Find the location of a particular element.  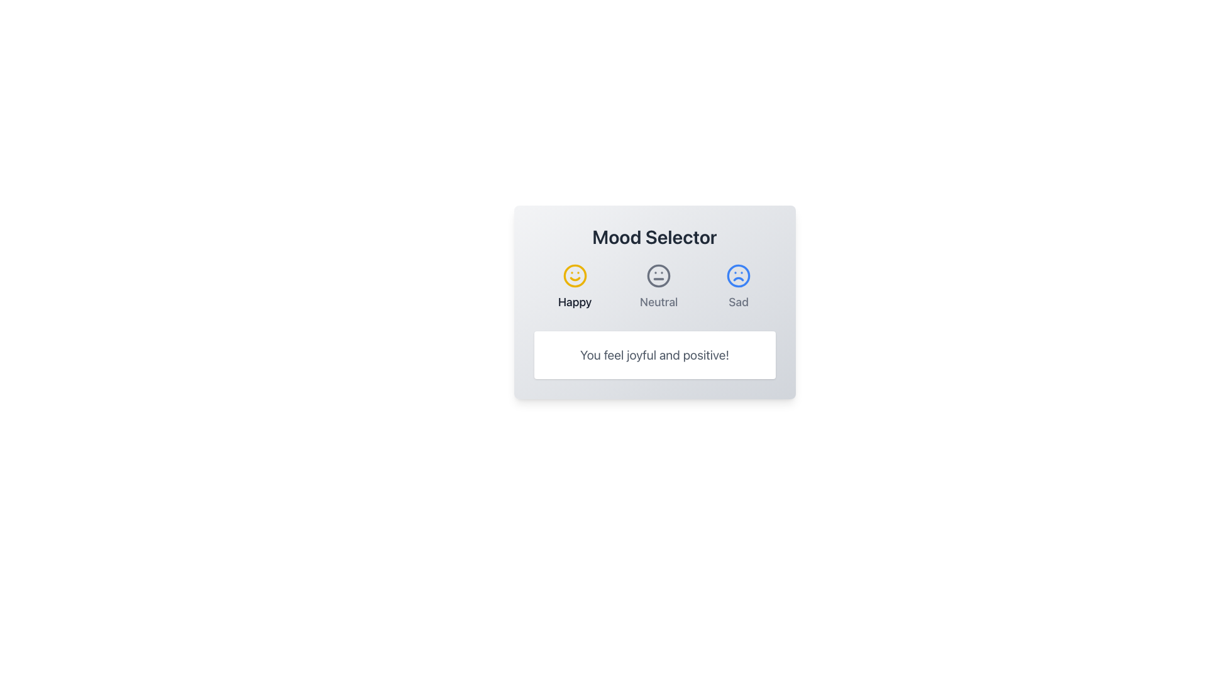

the 'Neutral' mood button located in the center of the mood options row is located at coordinates (658, 287).